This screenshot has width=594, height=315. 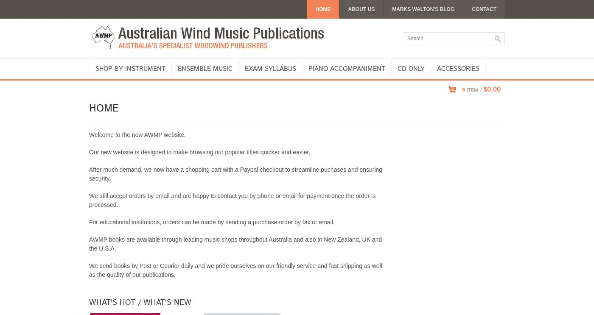 What do you see at coordinates (346, 68) in the screenshot?
I see `'Piano Accompaniment'` at bounding box center [346, 68].